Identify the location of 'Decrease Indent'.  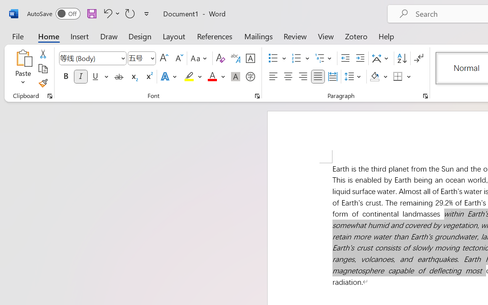
(345, 58).